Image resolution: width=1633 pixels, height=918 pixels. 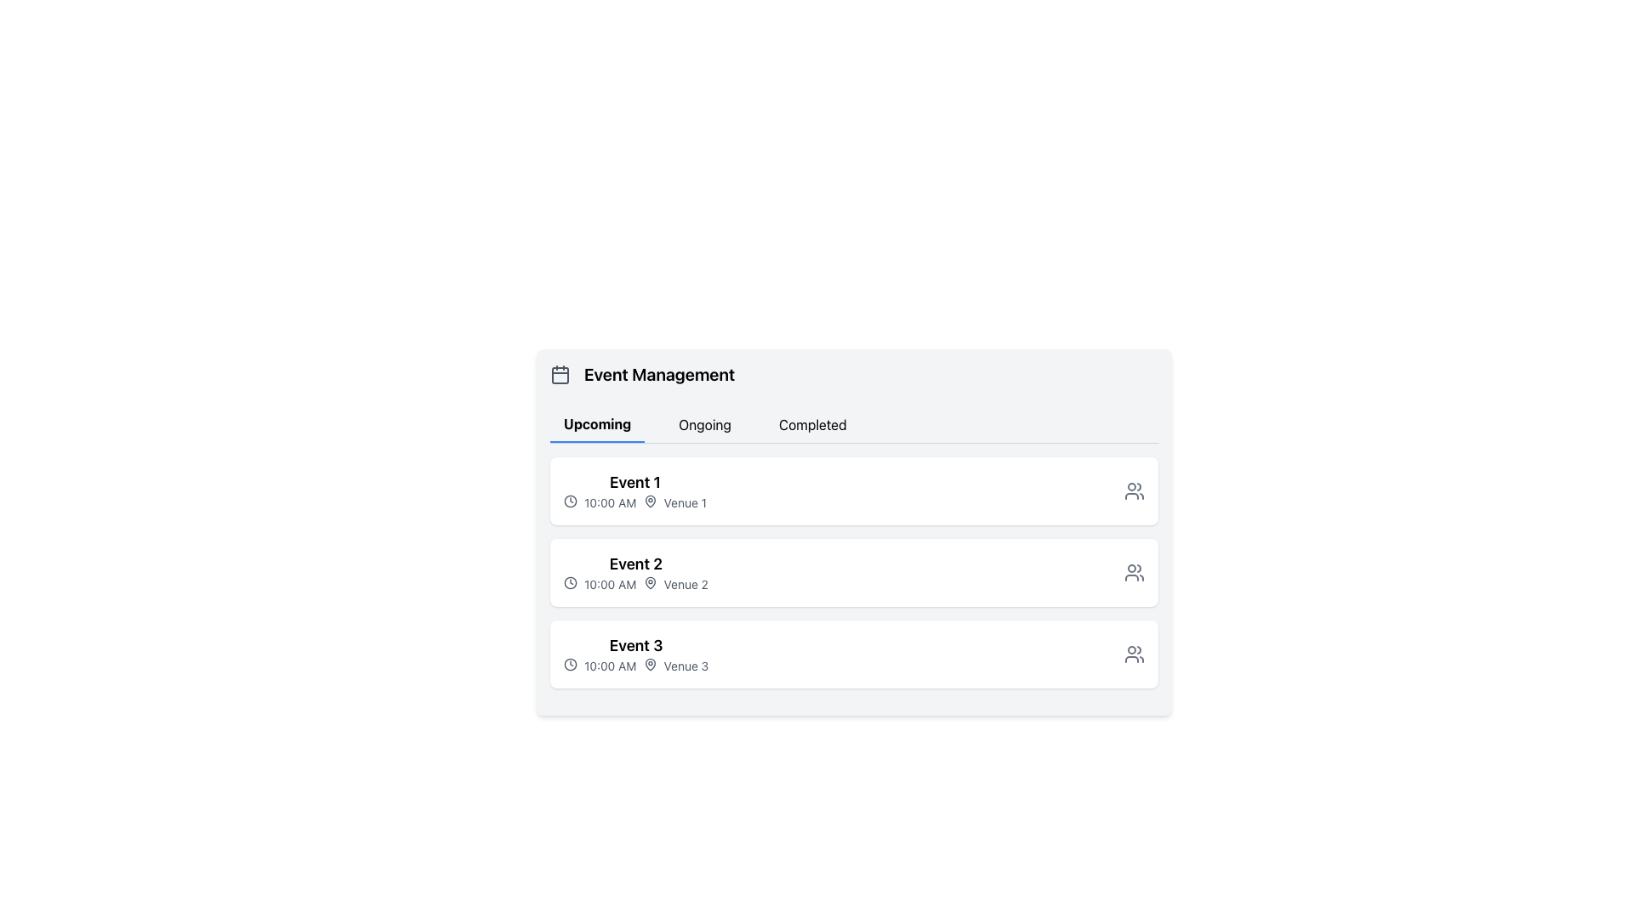 What do you see at coordinates (1135, 654) in the screenshot?
I see `the information icon related to users or groups for the third event in the list under the 'Upcoming' tab in the Event Management section, which is positioned on the right side aligned with the event's time and venue details` at bounding box center [1135, 654].